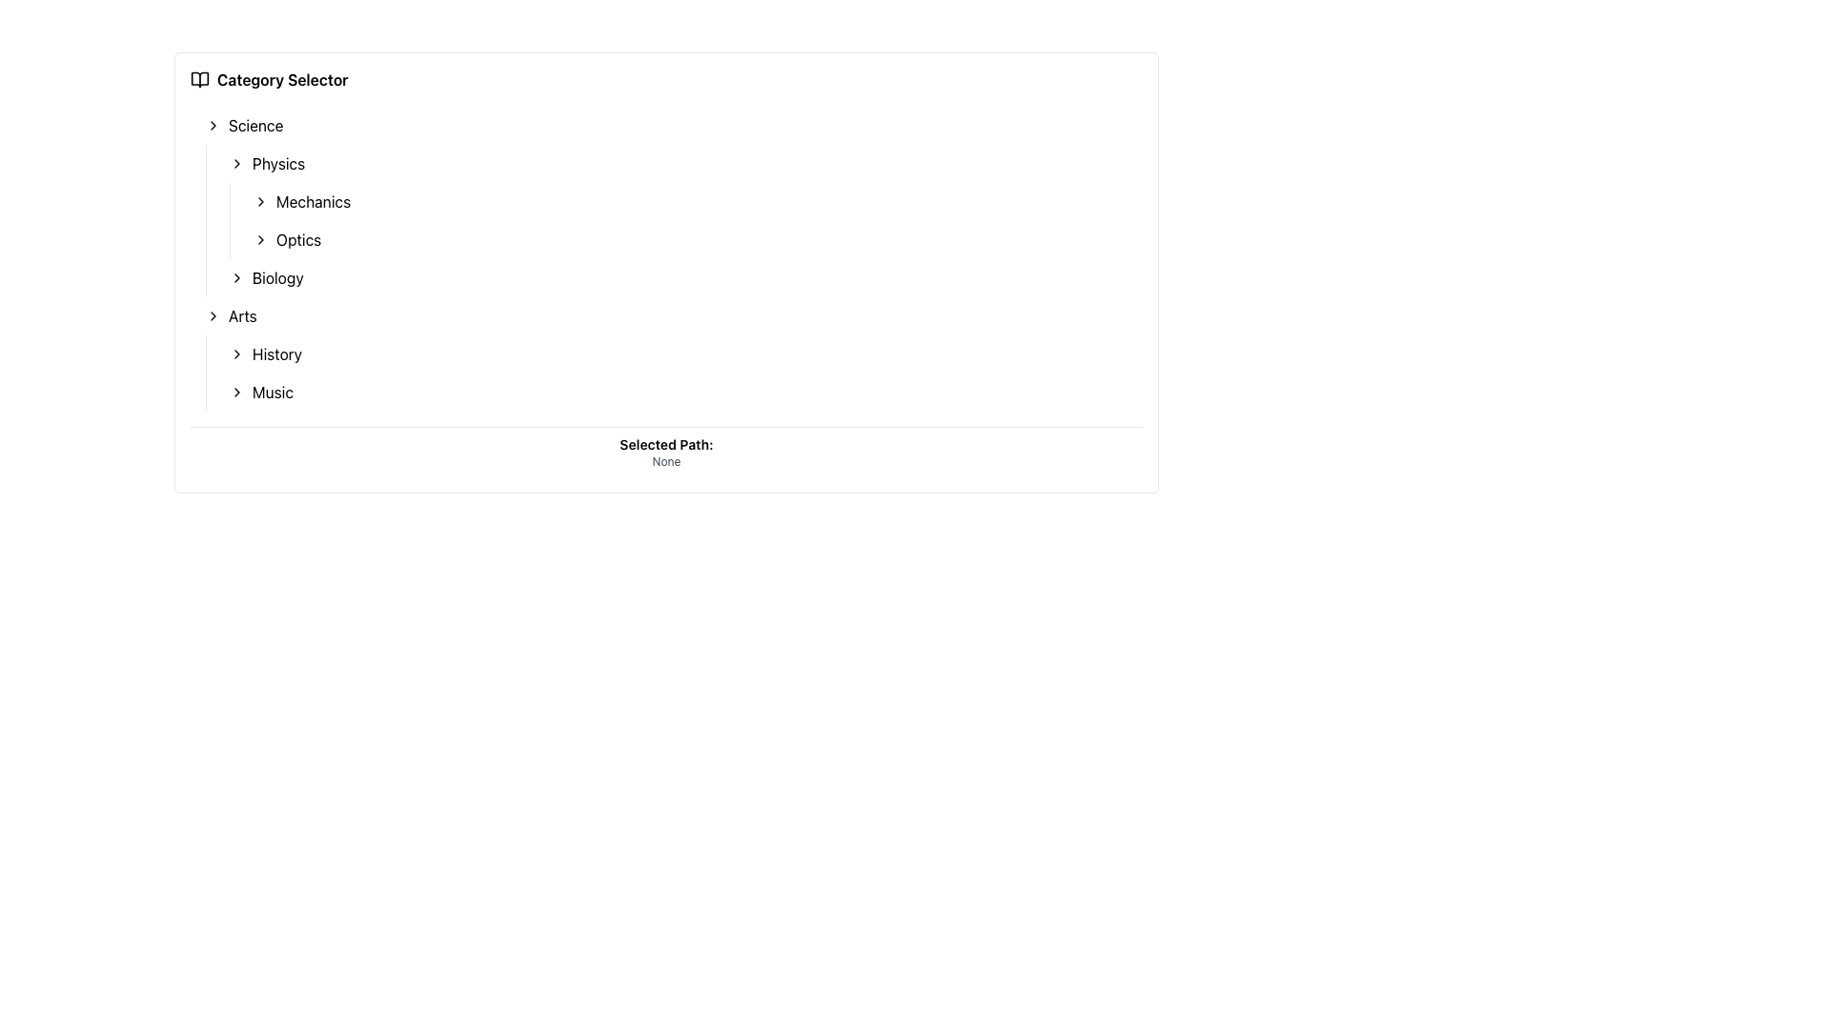  I want to click on the 'Music' text label in the navigation menu under the 'Arts' section, so click(272, 392).